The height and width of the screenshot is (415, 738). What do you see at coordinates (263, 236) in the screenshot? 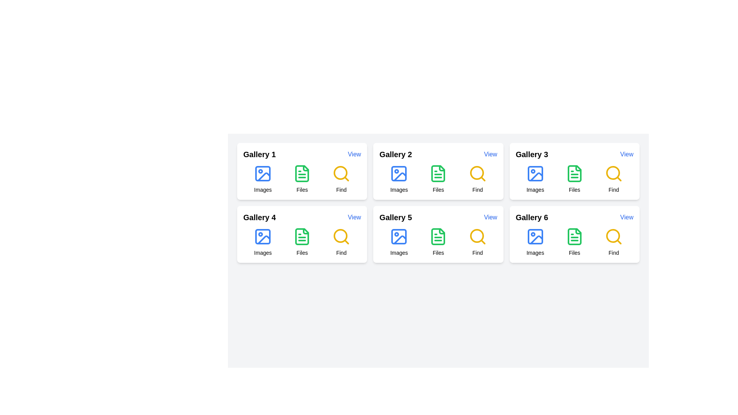
I see `the 'Images' icon in the 'Gallery 4' section, which is located on the leftmost side of the card's second row, directly above the 'Images' label` at bounding box center [263, 236].